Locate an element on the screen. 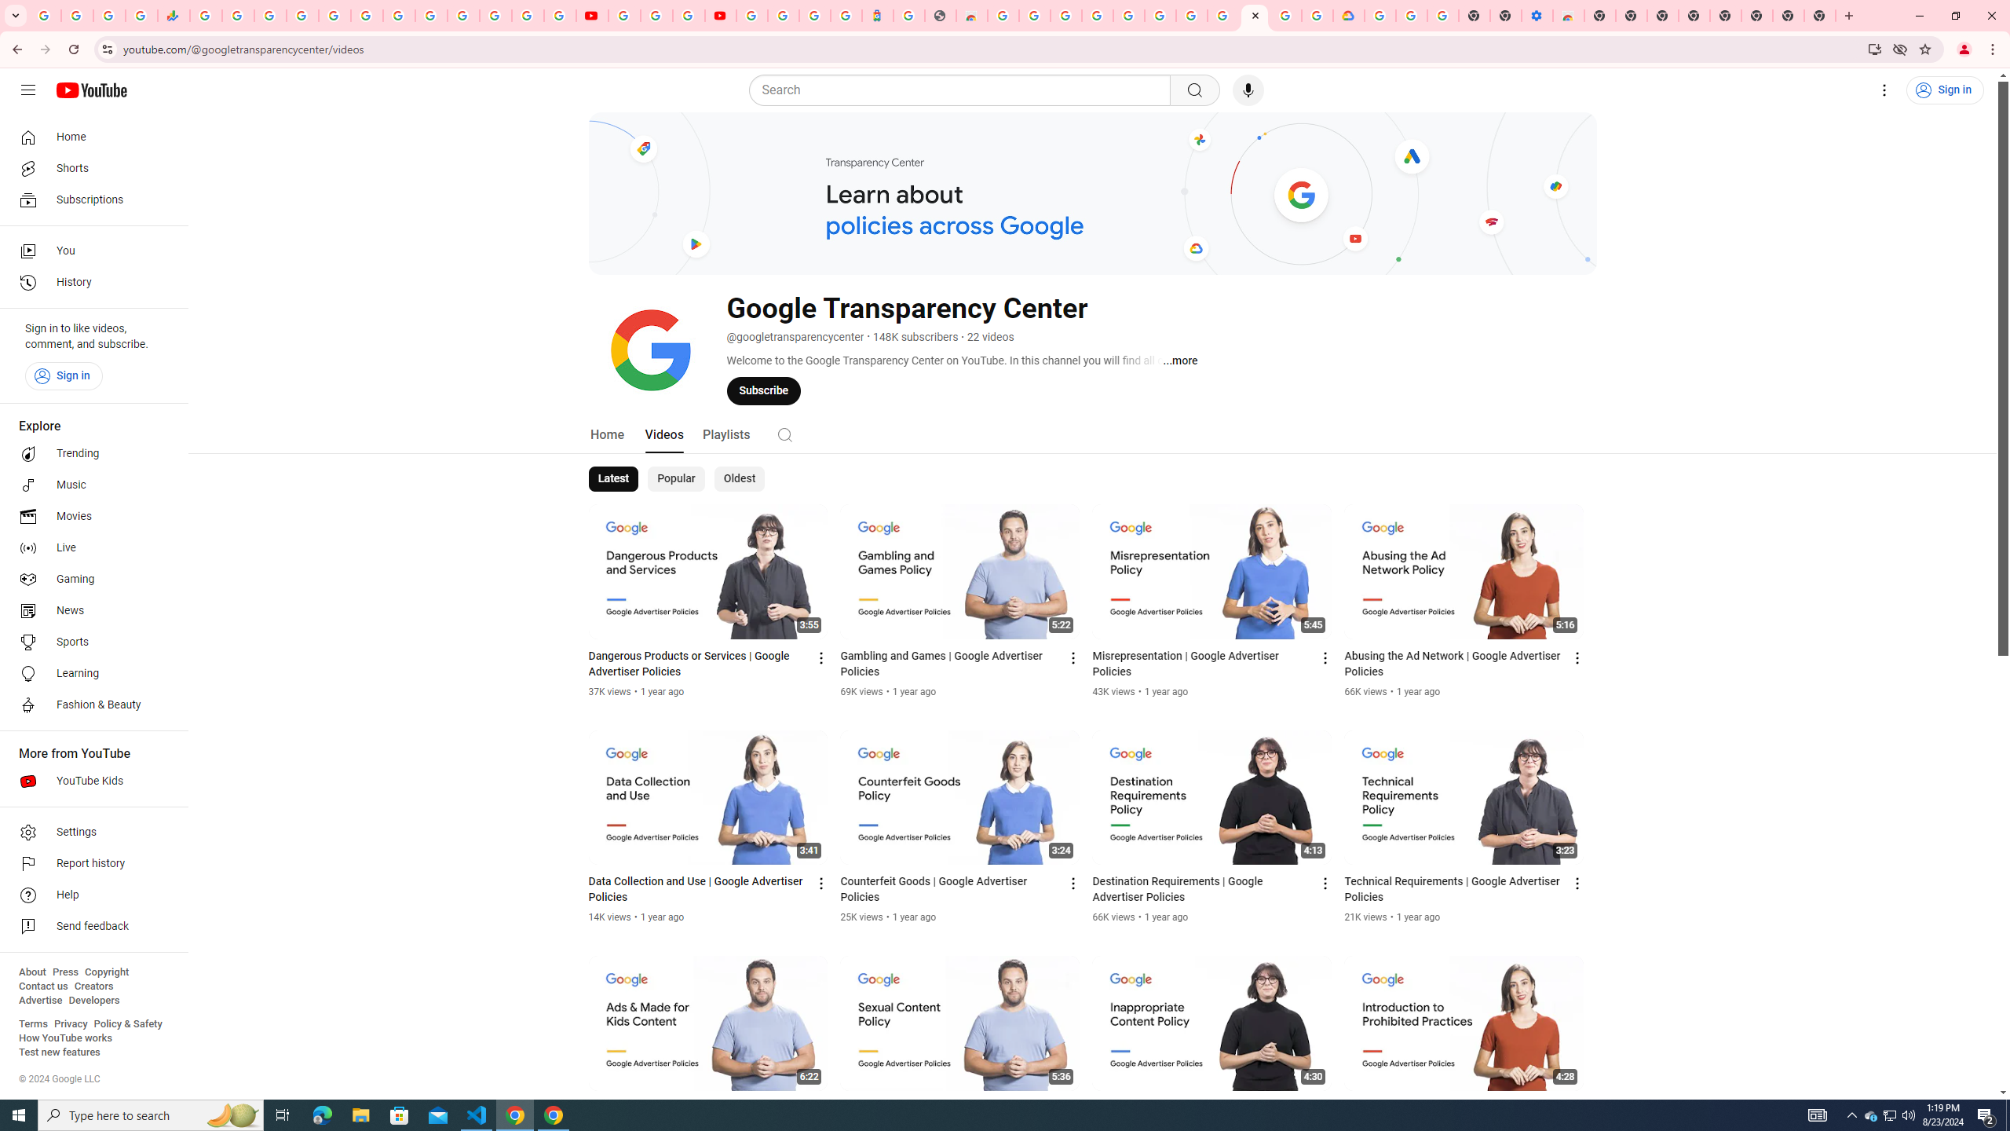  'Learning' is located at coordinates (89, 673).